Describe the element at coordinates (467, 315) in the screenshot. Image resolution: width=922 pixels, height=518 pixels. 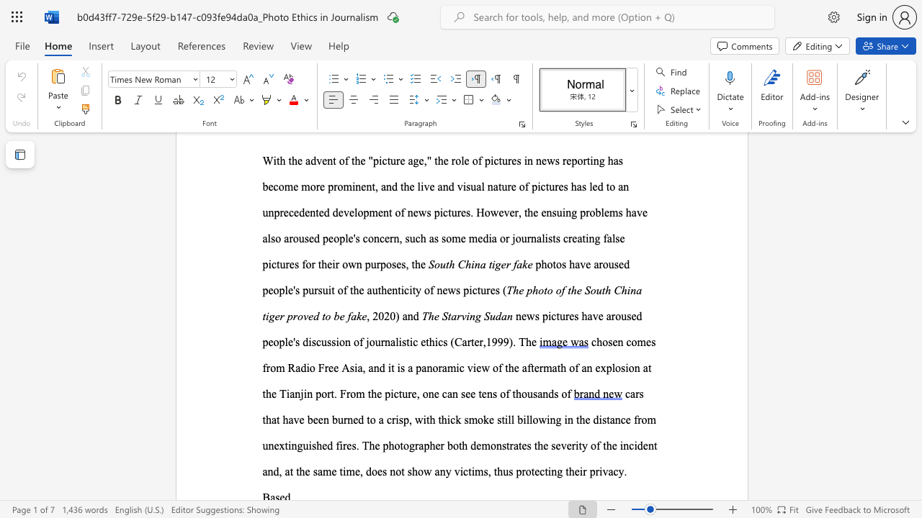
I see `the 1th character "i" in the text` at that location.